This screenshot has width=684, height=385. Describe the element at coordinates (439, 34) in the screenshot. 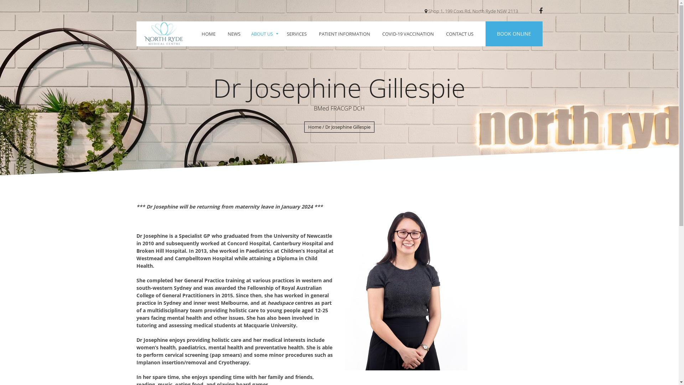

I see `'CONTACT US'` at that location.